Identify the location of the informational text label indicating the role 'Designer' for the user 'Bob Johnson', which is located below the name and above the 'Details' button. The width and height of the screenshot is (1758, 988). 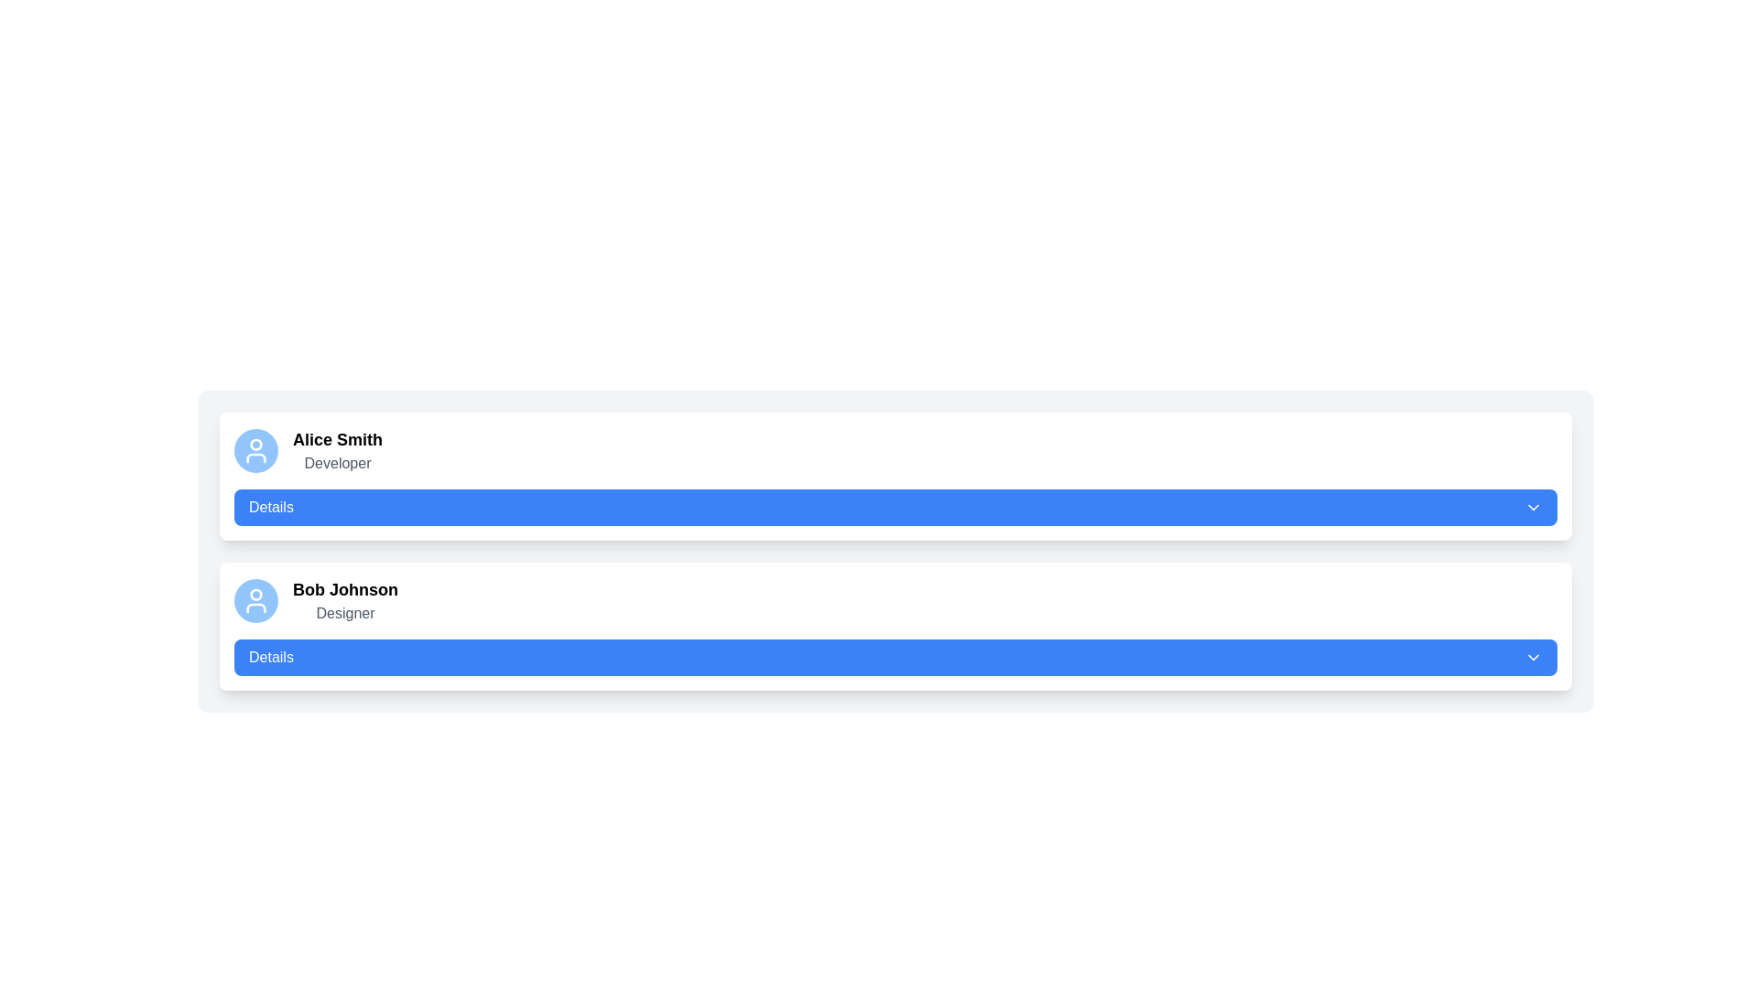
(345, 614).